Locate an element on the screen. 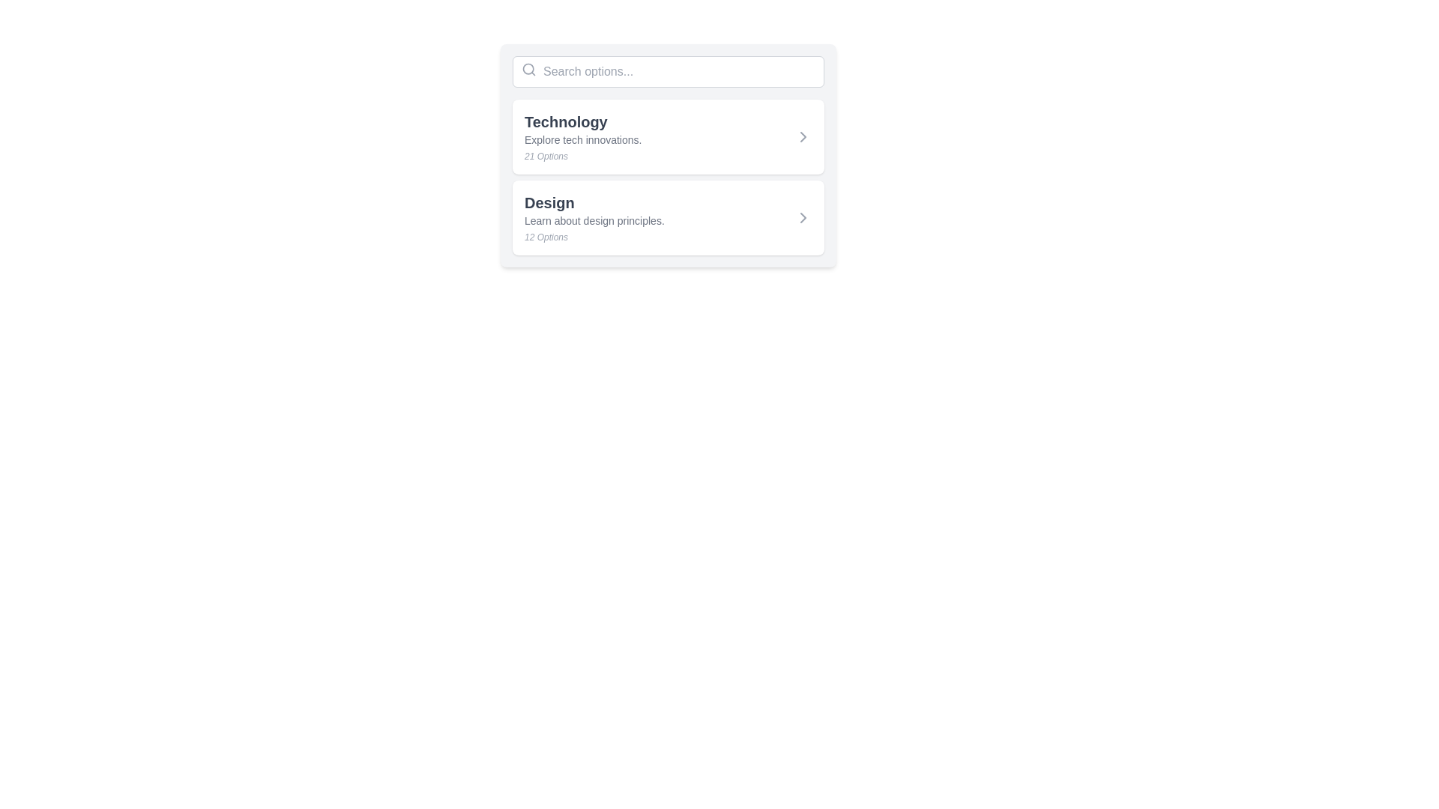  the Interactive List Item labeled 'Technology' which displays a subtitle 'Explore tech innovations.' and an additional info '21 Options' is located at coordinates (668, 136).